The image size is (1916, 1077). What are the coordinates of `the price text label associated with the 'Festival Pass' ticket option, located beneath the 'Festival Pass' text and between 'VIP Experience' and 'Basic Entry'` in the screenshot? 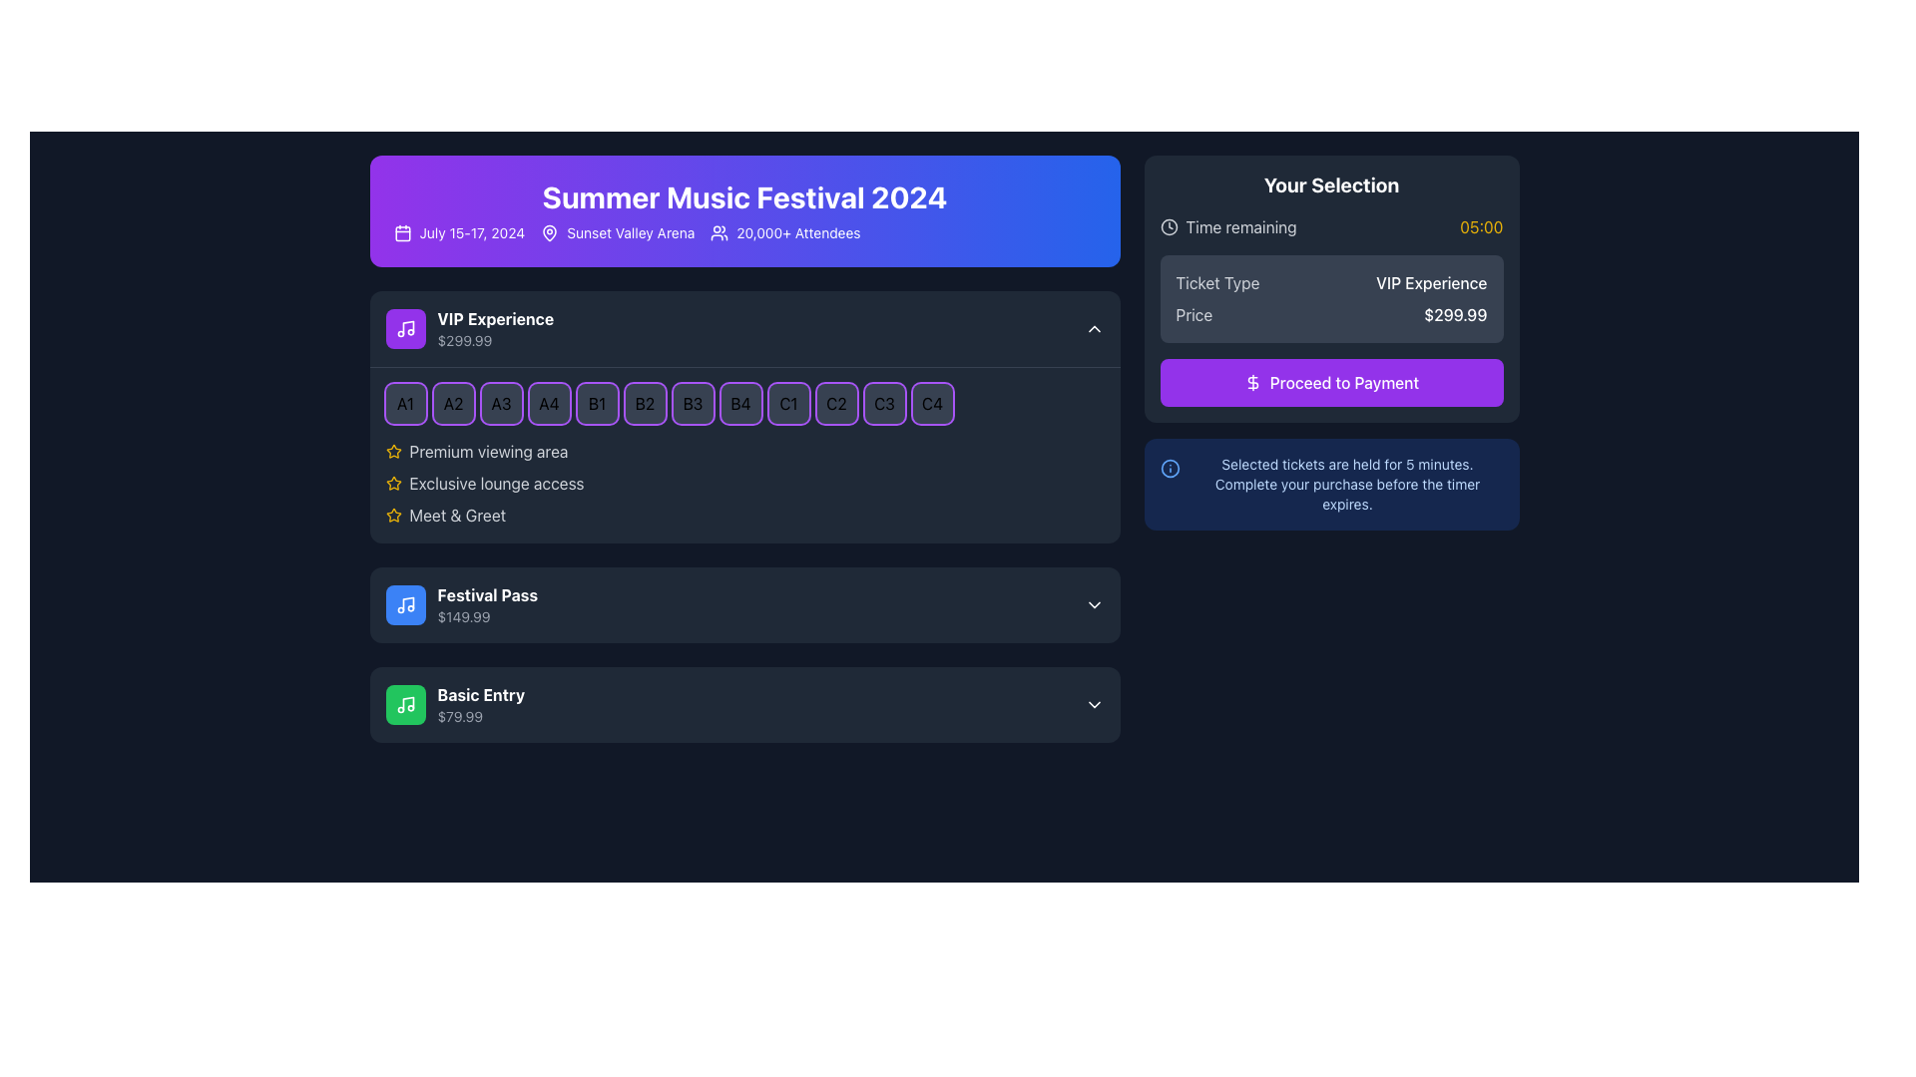 It's located at (487, 615).